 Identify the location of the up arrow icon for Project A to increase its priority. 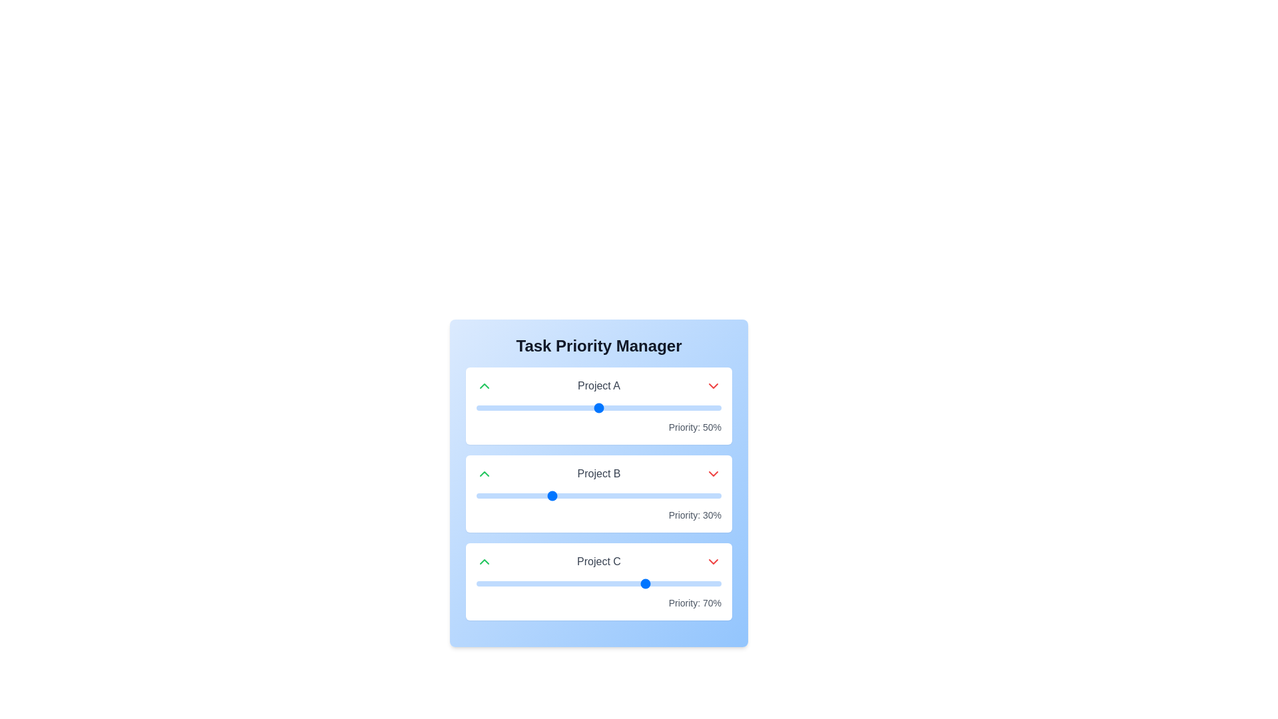
(484, 385).